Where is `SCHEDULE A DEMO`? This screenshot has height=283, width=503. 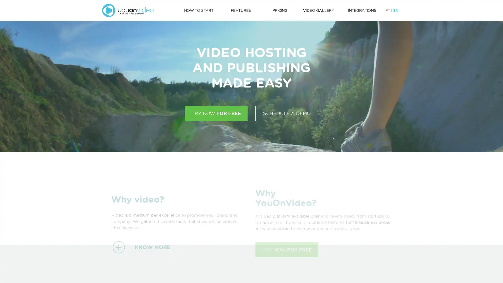
SCHEDULE A DEMO is located at coordinates (286, 113).